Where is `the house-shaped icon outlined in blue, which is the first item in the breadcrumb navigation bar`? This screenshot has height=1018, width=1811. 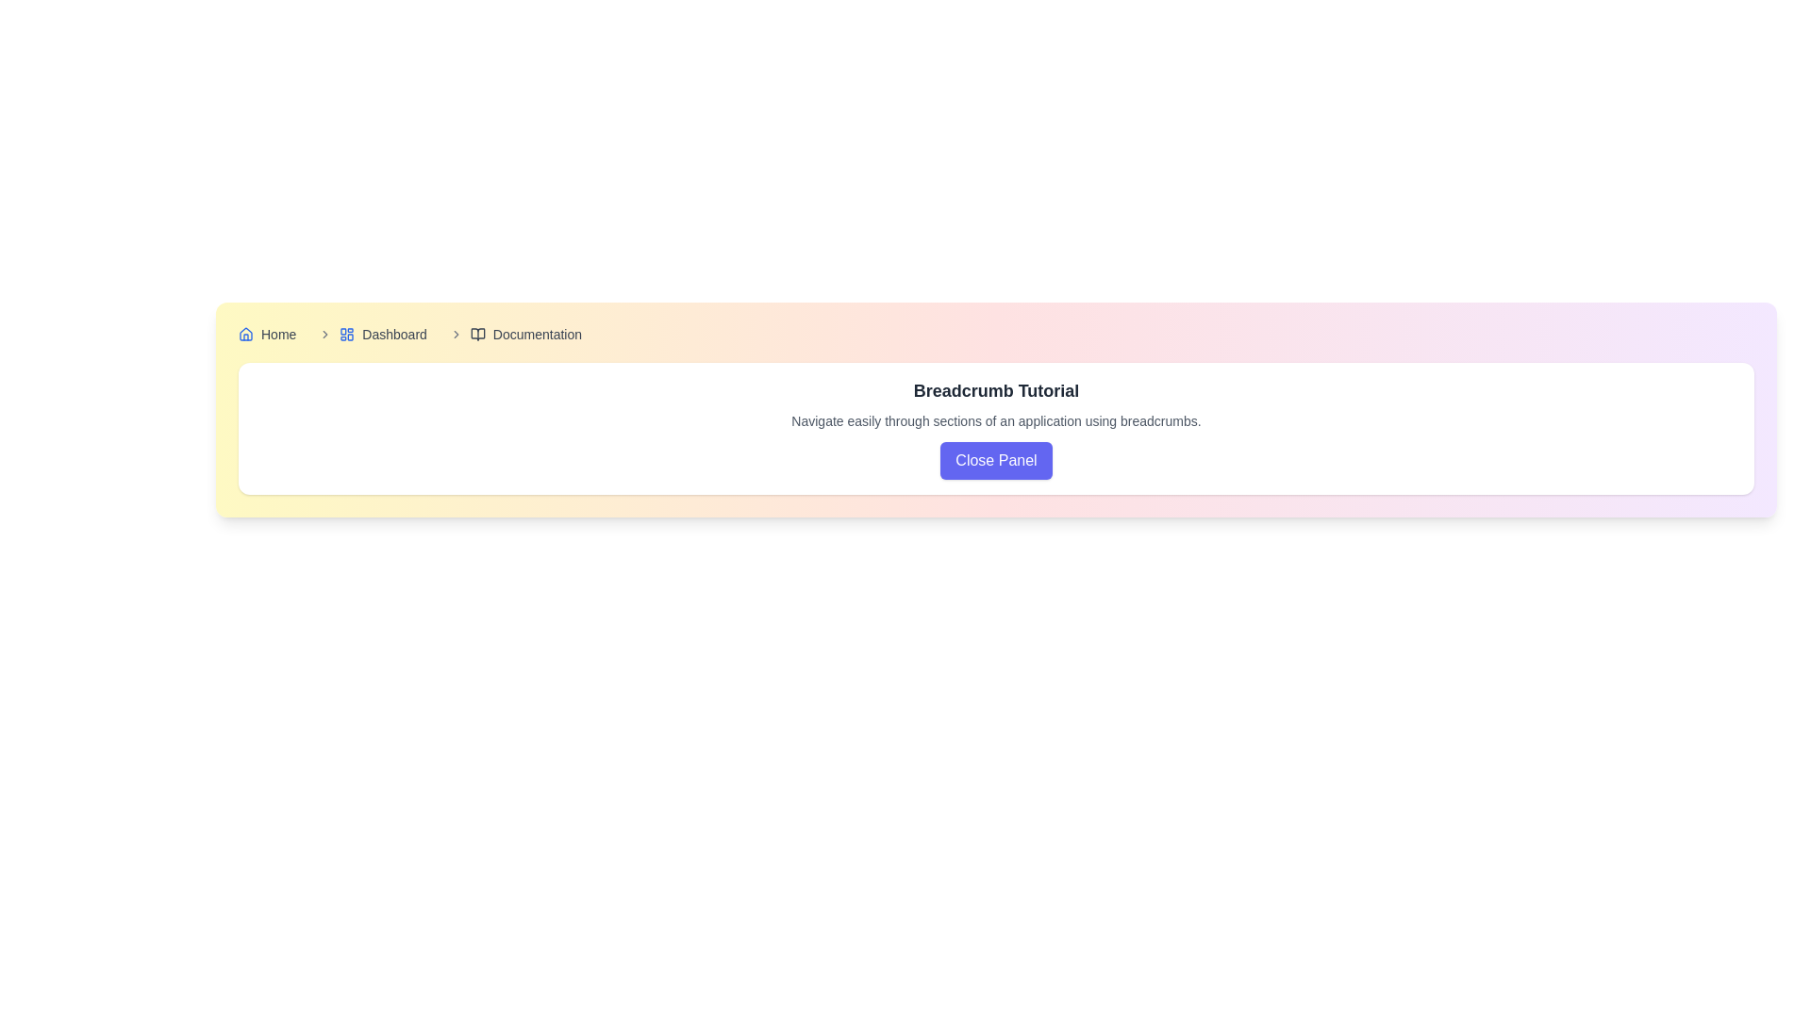 the house-shaped icon outlined in blue, which is the first item in the breadcrumb navigation bar is located at coordinates (244, 333).